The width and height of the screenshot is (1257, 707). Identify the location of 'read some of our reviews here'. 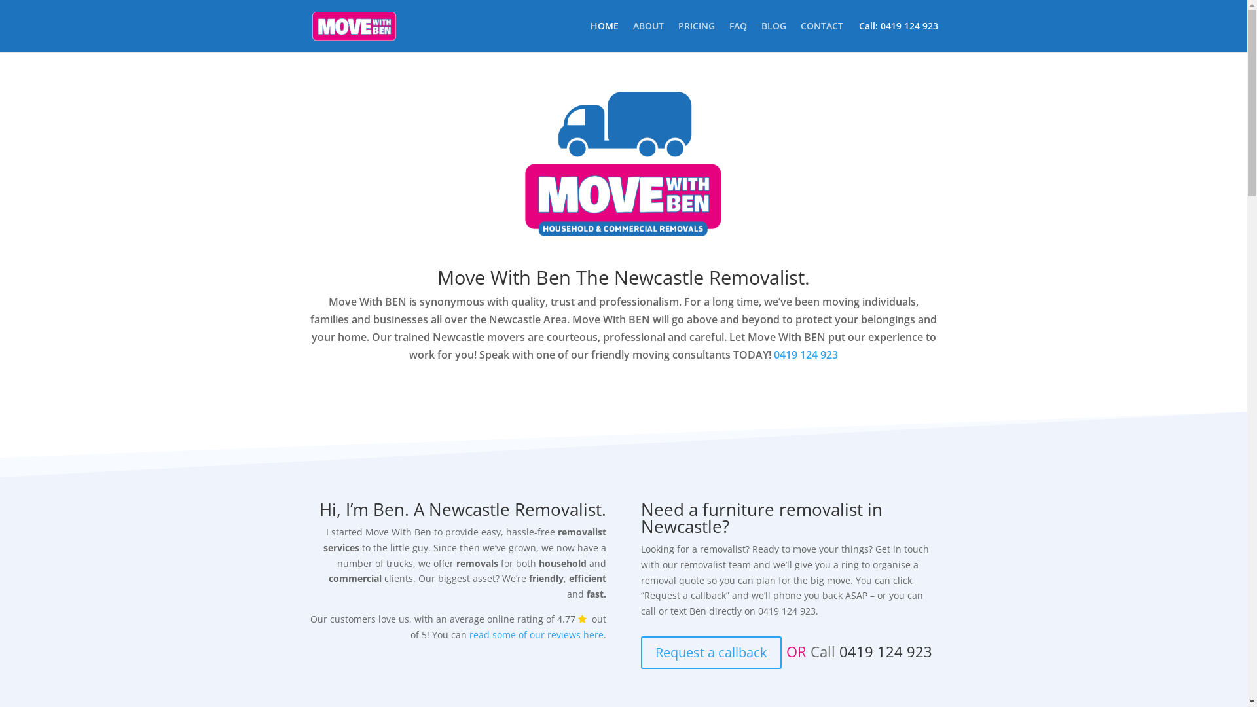
(469, 634).